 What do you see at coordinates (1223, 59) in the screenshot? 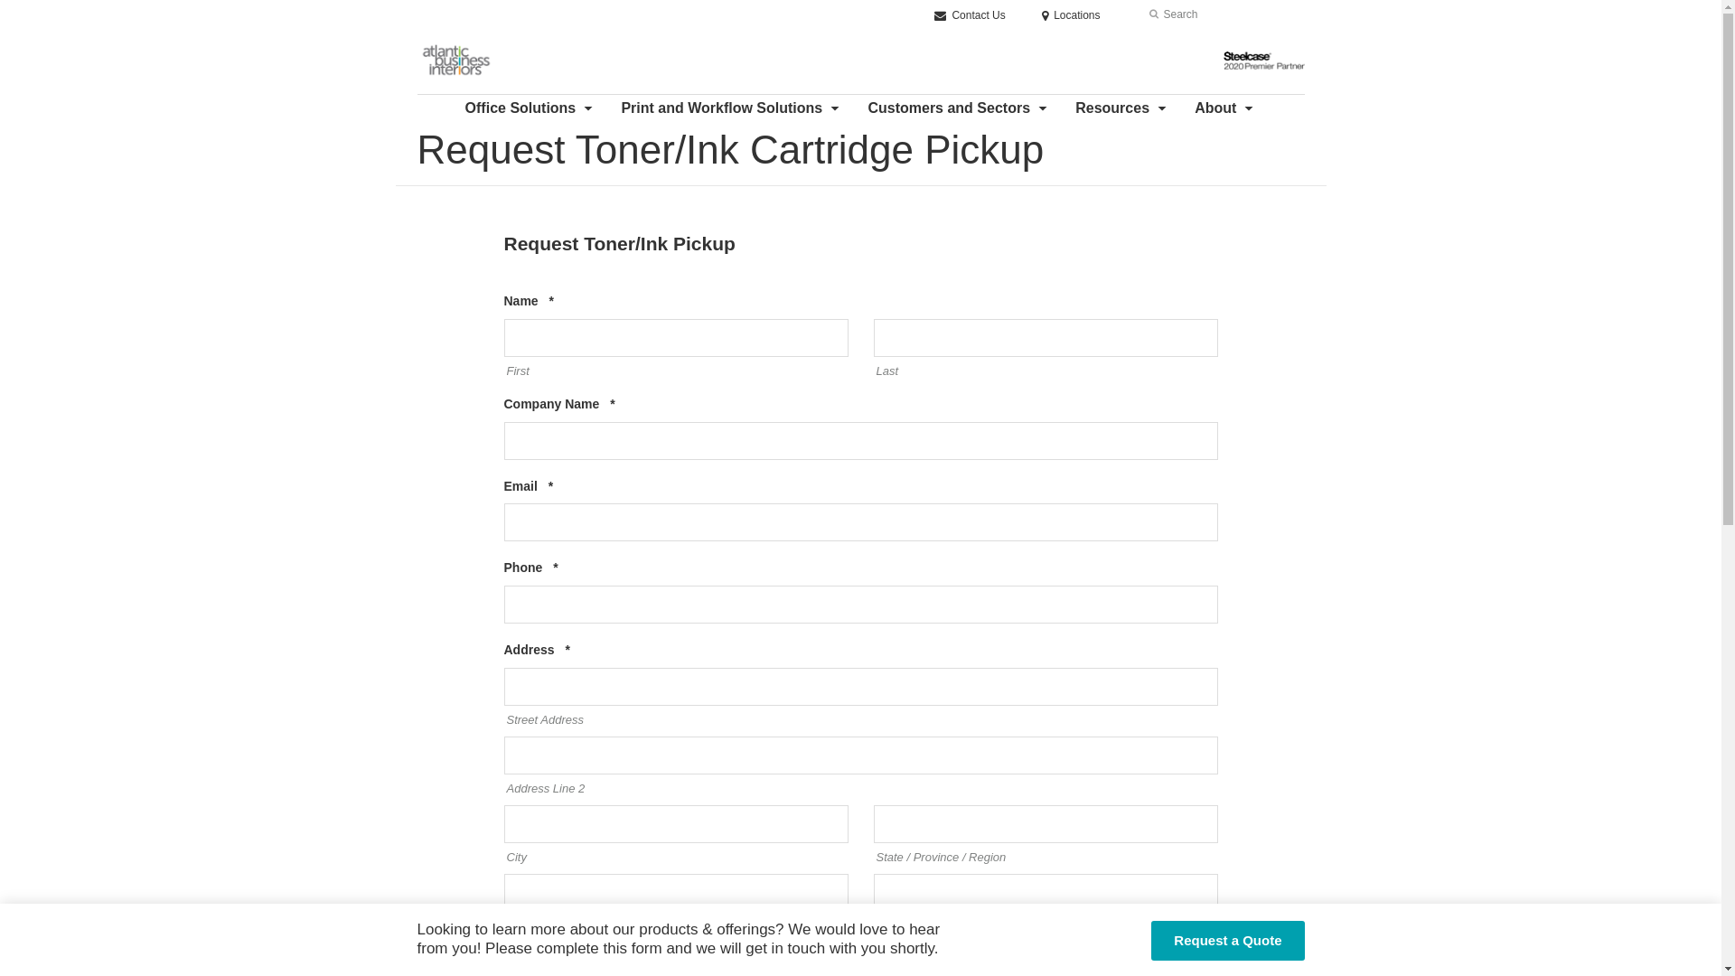
I see `'Steelcase 2020 Premier Partner'` at bounding box center [1223, 59].